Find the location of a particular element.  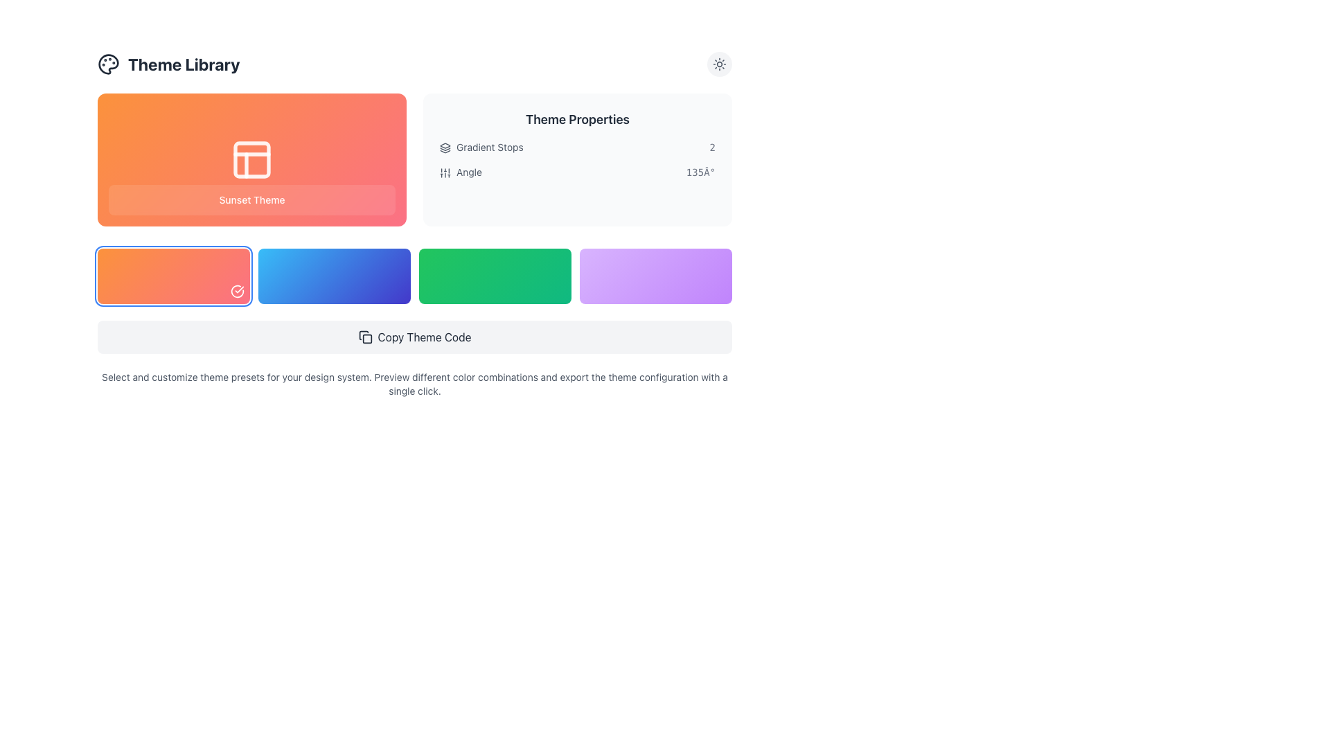

the small, rounded rectangle located at the upper-left part of the 'Sunset Theme' icon, which is part of the orange rectangular card is located at coordinates (252, 159).